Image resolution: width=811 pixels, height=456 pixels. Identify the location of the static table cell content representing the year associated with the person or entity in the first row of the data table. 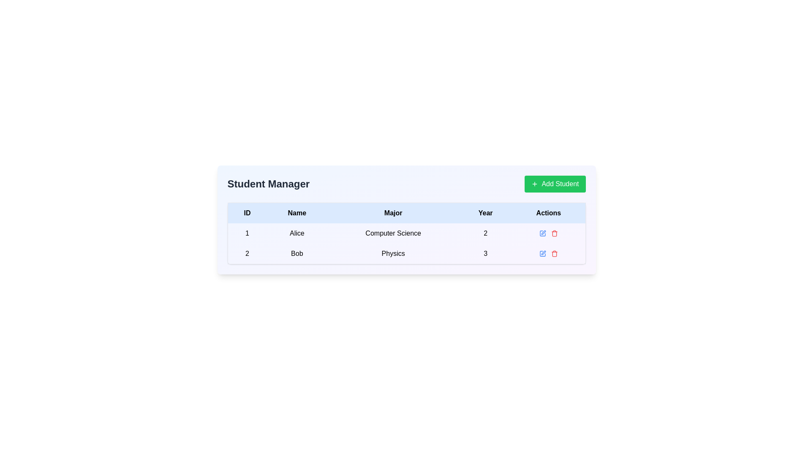
(485, 233).